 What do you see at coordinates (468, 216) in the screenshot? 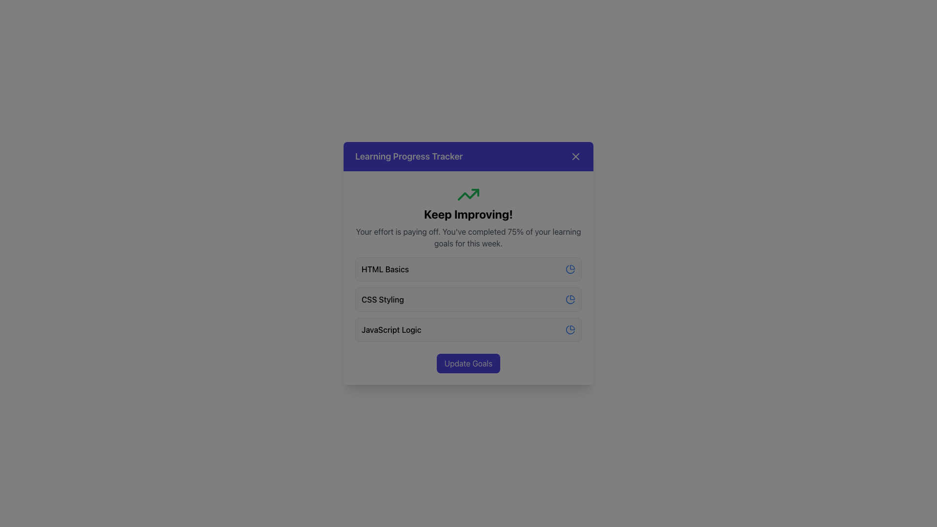
I see `the Informational Display that shows bold text 'Keep Improving!' and a green trending up icon, indicating user progress at 75% towards learning goals` at bounding box center [468, 216].